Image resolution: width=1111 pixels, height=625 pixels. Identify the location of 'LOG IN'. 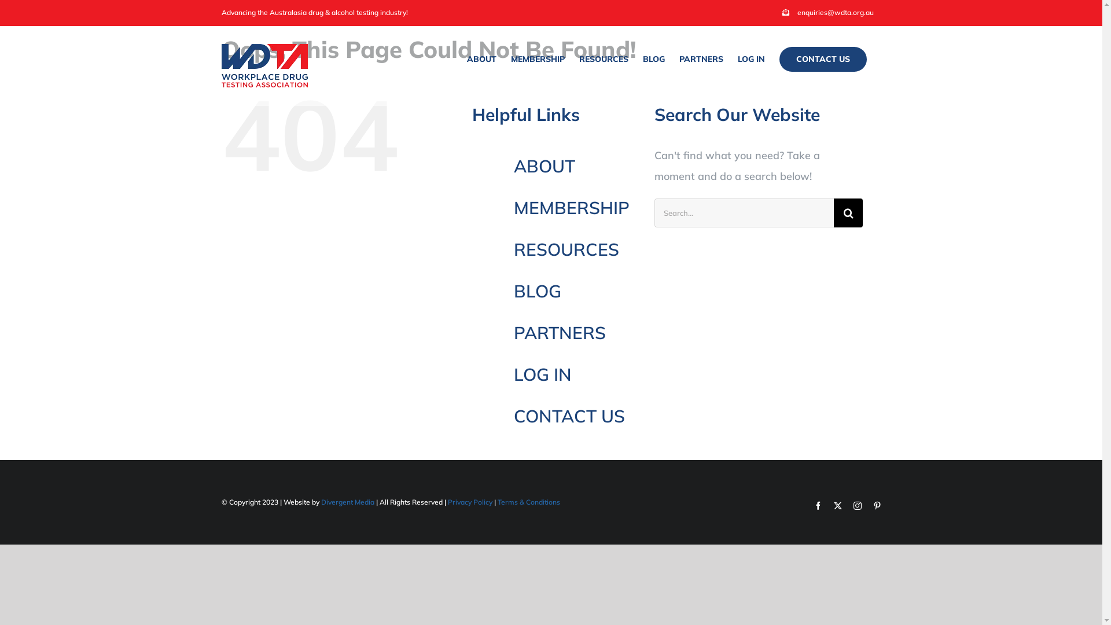
(736, 58).